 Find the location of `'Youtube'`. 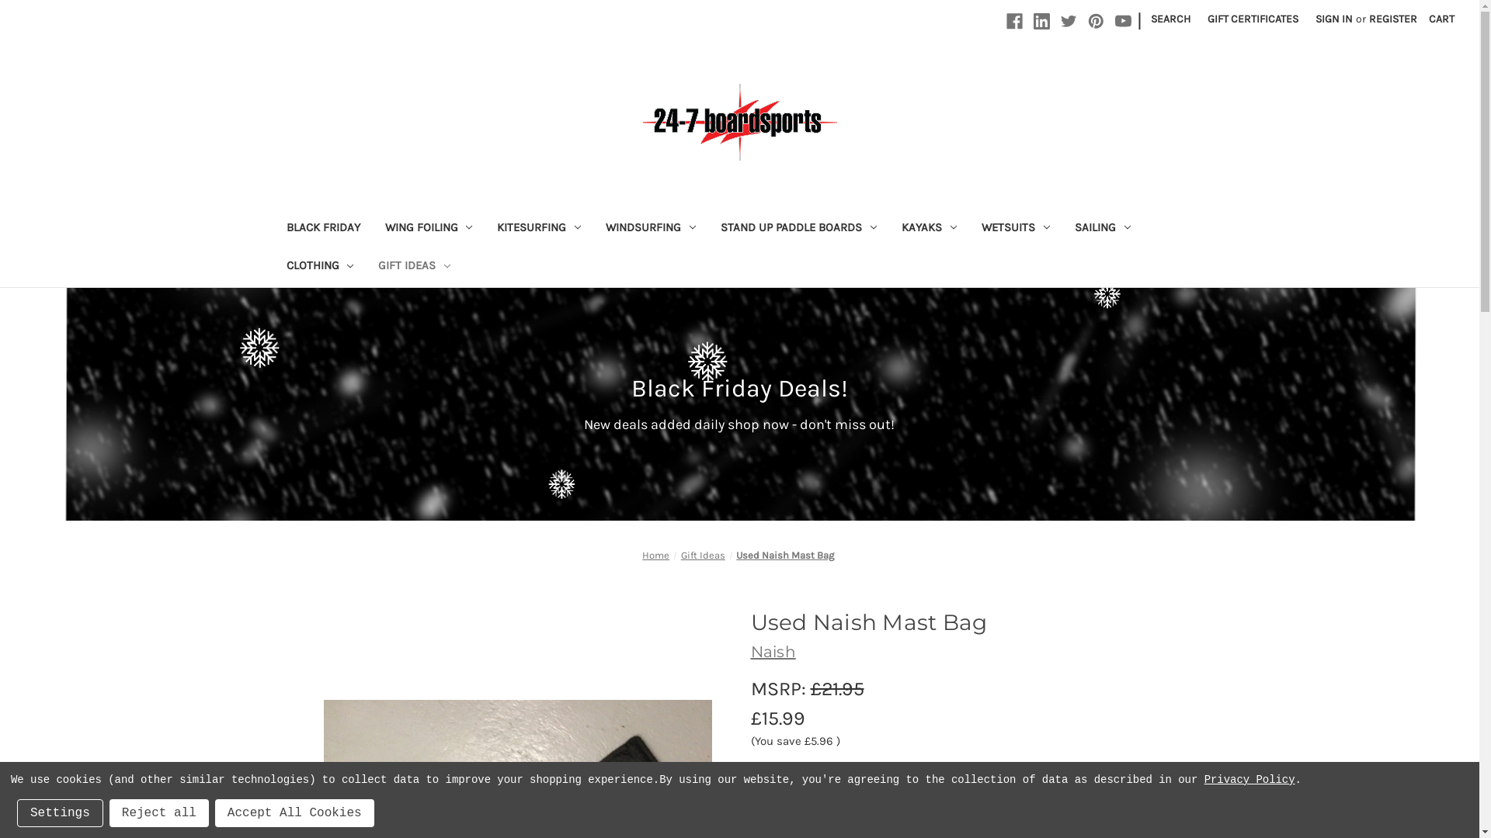

'Youtube' is located at coordinates (1123, 21).